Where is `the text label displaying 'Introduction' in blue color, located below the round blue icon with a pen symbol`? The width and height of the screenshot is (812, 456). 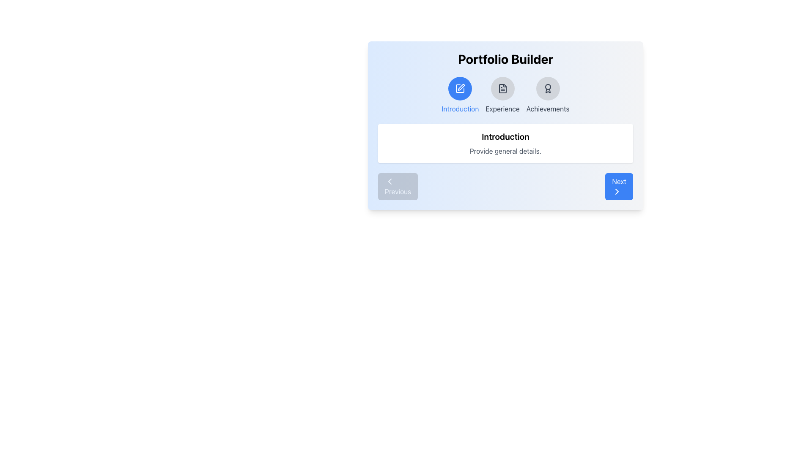
the text label displaying 'Introduction' in blue color, located below the round blue icon with a pen symbol is located at coordinates (460, 109).